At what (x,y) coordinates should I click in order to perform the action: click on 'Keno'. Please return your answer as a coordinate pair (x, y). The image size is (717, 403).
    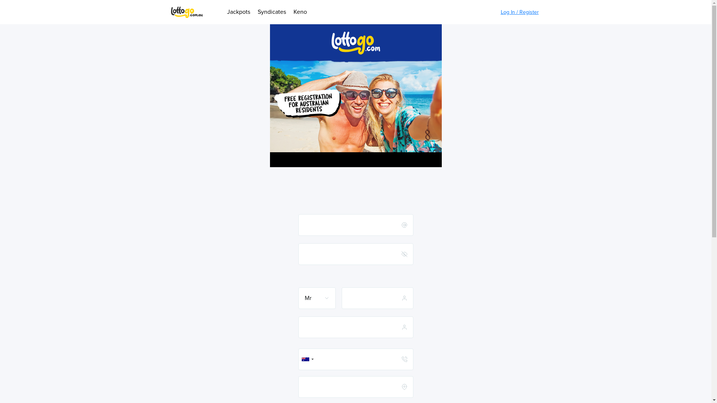
    Looking at the image, I should click on (300, 12).